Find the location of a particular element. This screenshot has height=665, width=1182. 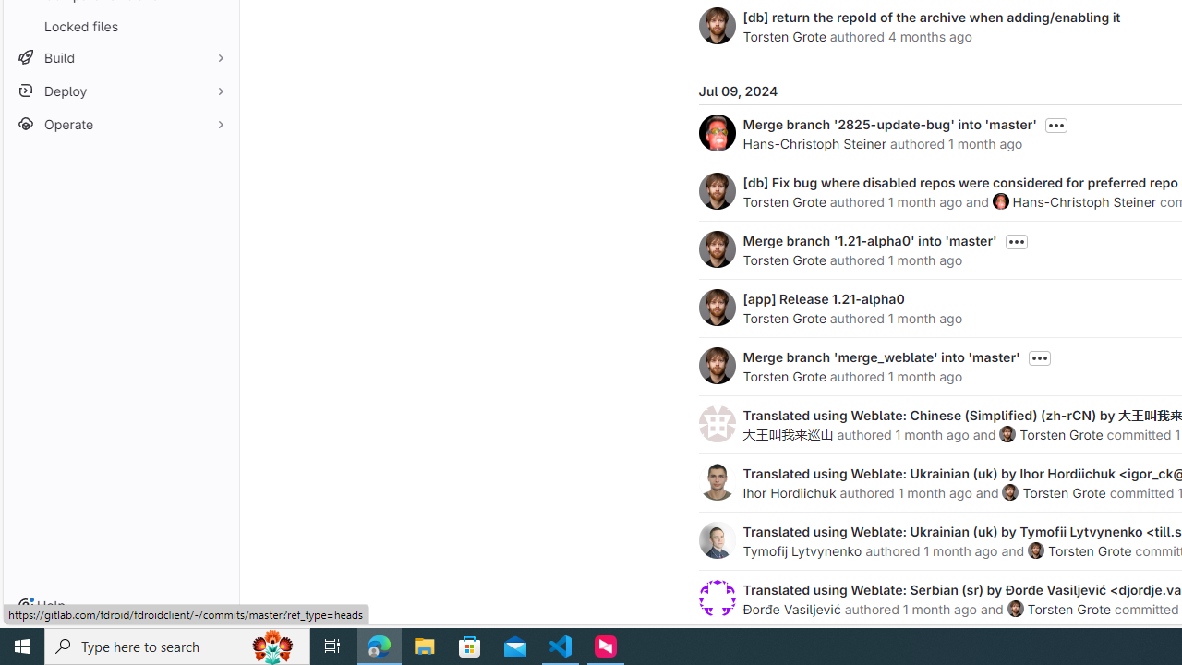

'Build' is located at coordinates (120, 56).